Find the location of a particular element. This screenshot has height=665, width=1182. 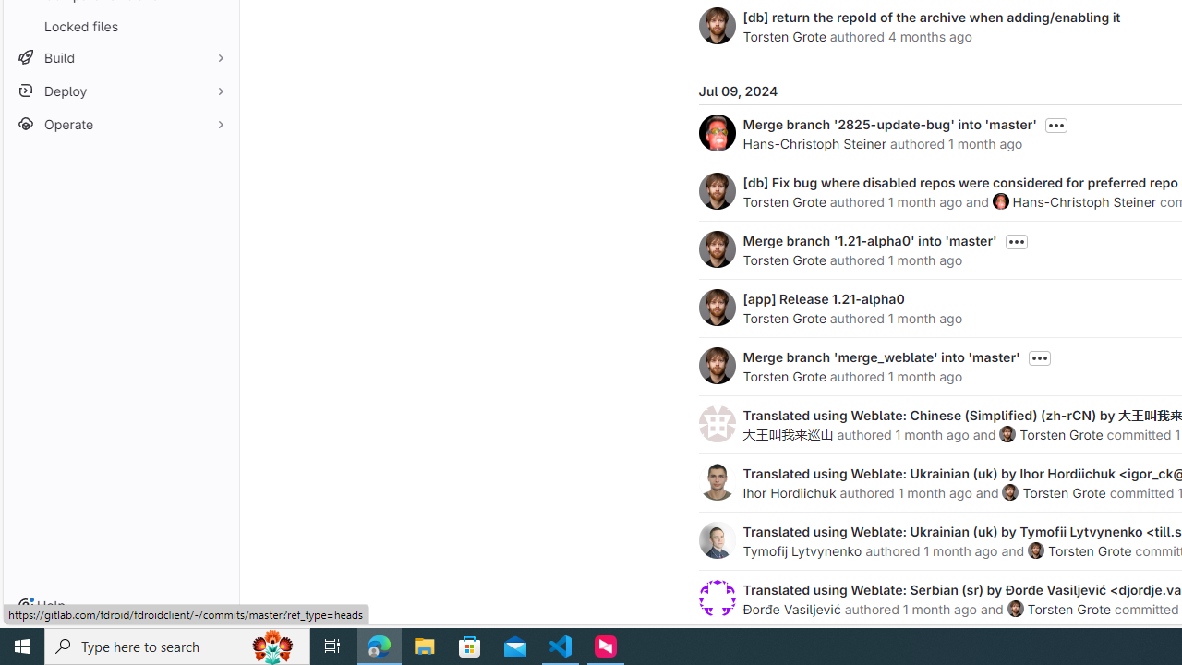

'Build' is located at coordinates (120, 56).